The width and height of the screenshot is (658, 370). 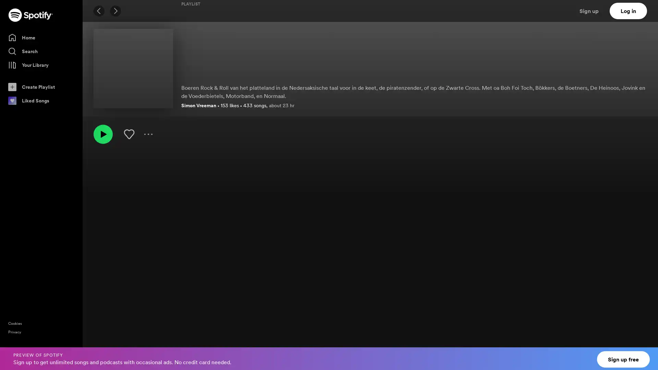 What do you see at coordinates (623, 359) in the screenshot?
I see `Sign up free` at bounding box center [623, 359].